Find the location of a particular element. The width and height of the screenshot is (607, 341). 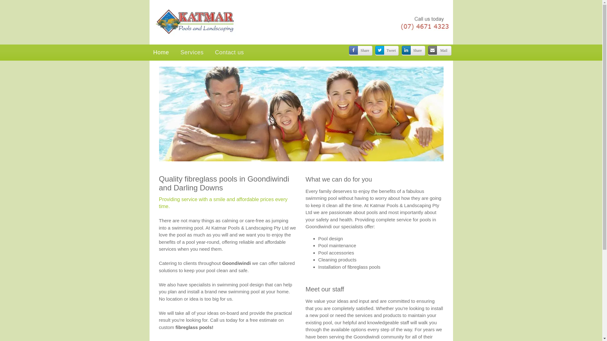

'Services' is located at coordinates (192, 52).